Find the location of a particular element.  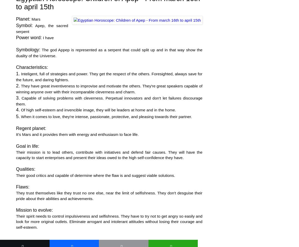

'Inteligent, full of strategies and power. They get the respect of the others. Foresighted, always save for the future, and daring fighters.' is located at coordinates (16, 77).